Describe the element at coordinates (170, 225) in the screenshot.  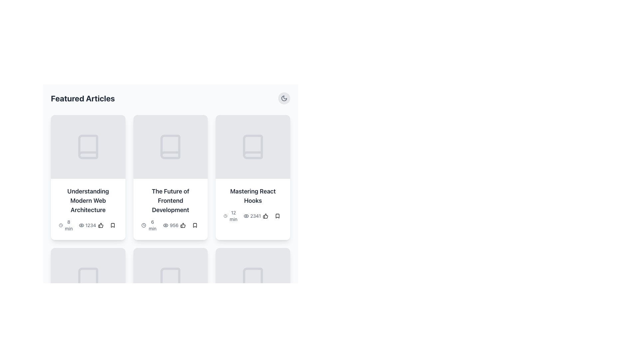
I see `the text element displaying '6 min' and '956', which is positioned below the title 'The Future of Frontend Development' in the middle card of a three-column layout` at that location.